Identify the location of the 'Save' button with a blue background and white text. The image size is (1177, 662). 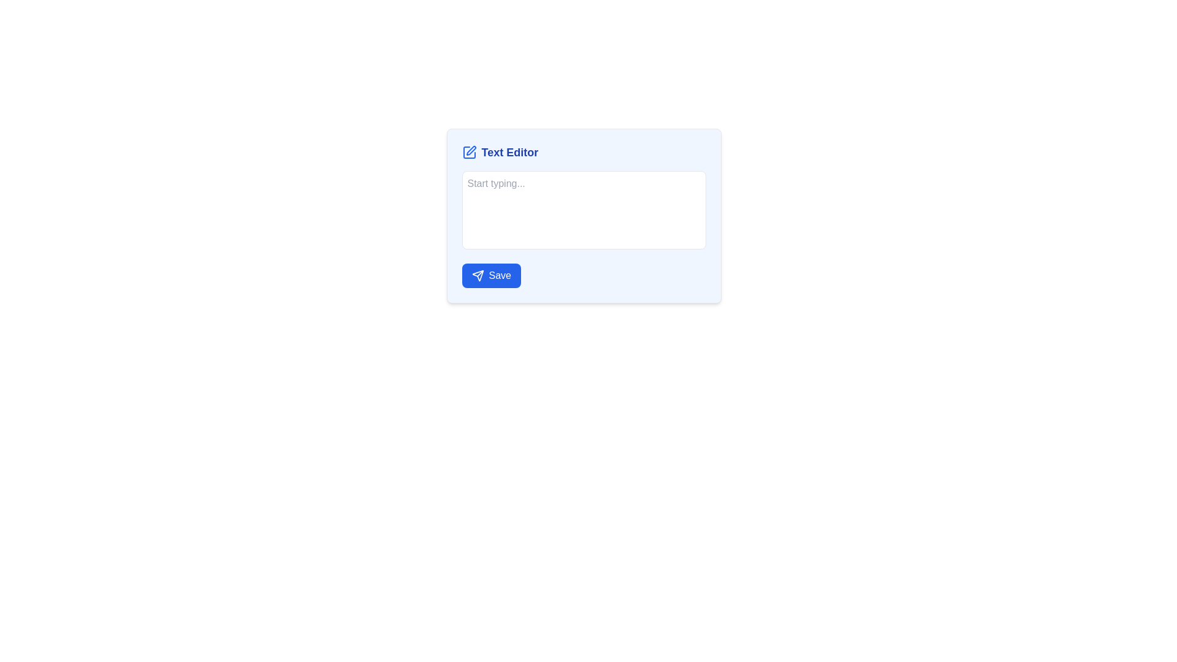
(491, 276).